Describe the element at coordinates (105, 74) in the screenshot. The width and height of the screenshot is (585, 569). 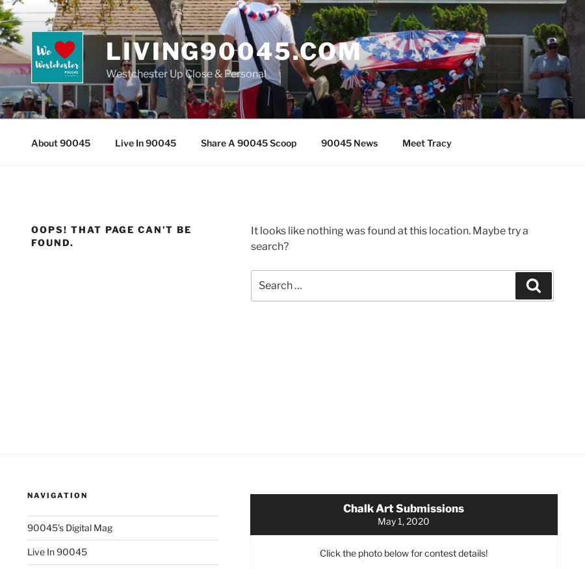
I see `'Westchester Up Close & Personal'` at that location.